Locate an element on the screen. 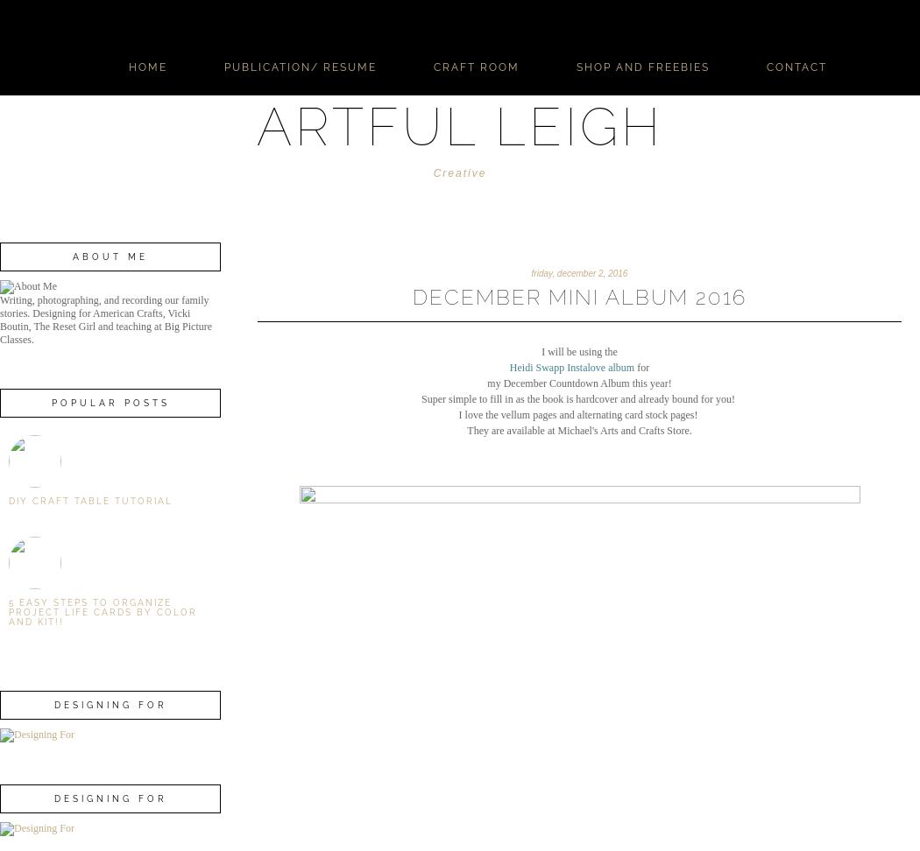 This screenshot has width=920, height=851. 'Writing, photographing, and recording our family stories. Designing for American Crafts, Vicki Boutin, The Reset Girl and teaching at Big Picture Classes.' is located at coordinates (0, 320).